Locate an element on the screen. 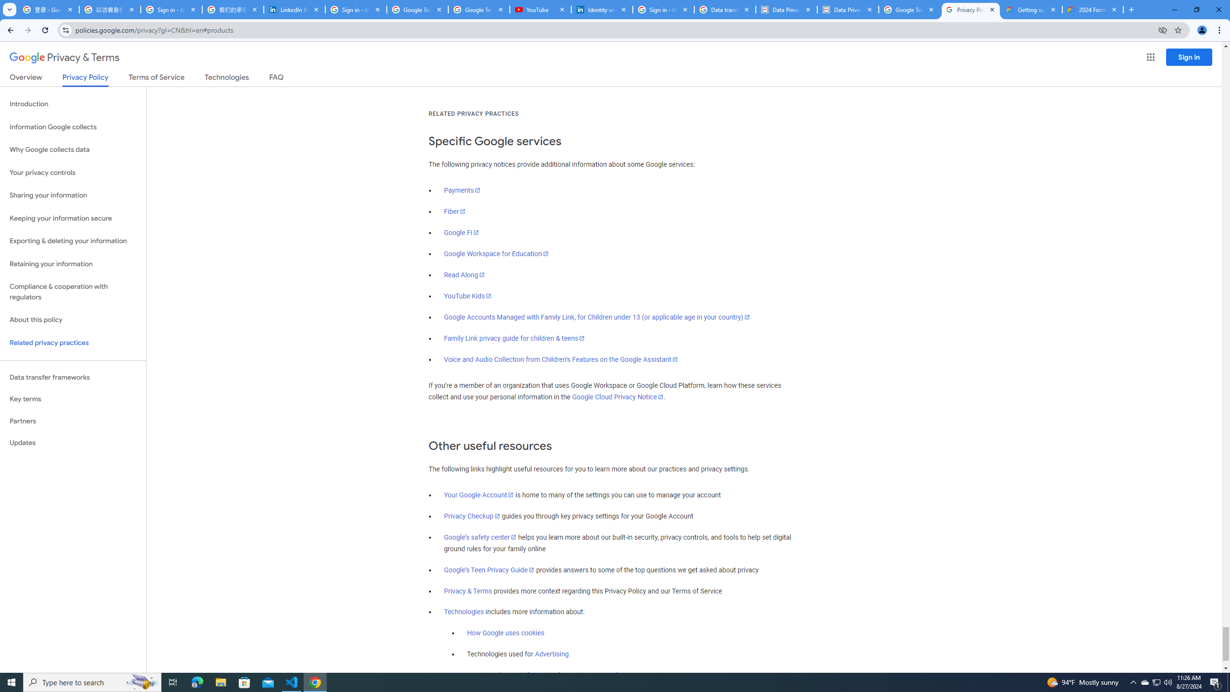 This screenshot has height=692, width=1230. 'Partners' is located at coordinates (73, 421).